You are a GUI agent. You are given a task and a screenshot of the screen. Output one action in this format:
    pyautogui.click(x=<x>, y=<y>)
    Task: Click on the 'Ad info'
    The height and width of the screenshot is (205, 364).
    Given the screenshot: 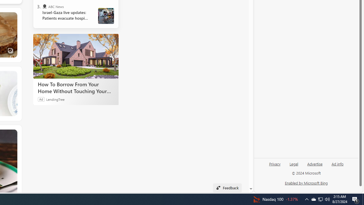 What is the action you would take?
    pyautogui.click(x=338, y=163)
    